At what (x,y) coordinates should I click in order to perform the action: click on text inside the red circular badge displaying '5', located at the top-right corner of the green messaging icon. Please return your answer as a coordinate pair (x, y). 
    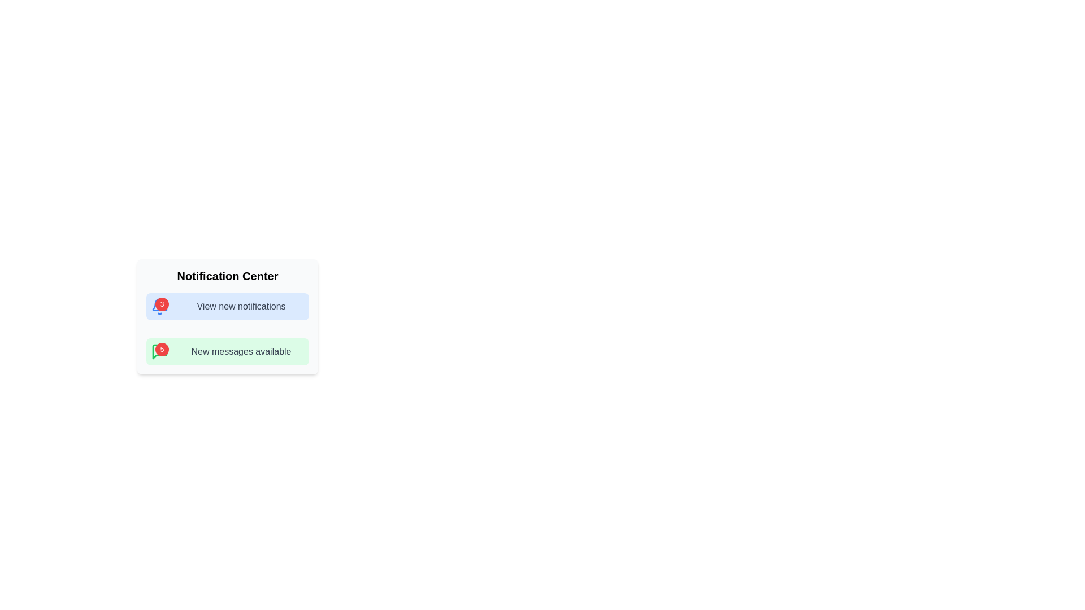
    Looking at the image, I should click on (159, 351).